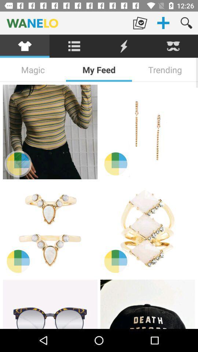 The height and width of the screenshot is (352, 198). I want to click on glasses, so click(49, 304).